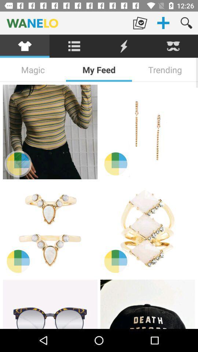 The height and width of the screenshot is (352, 198). I want to click on glasses, so click(49, 304).